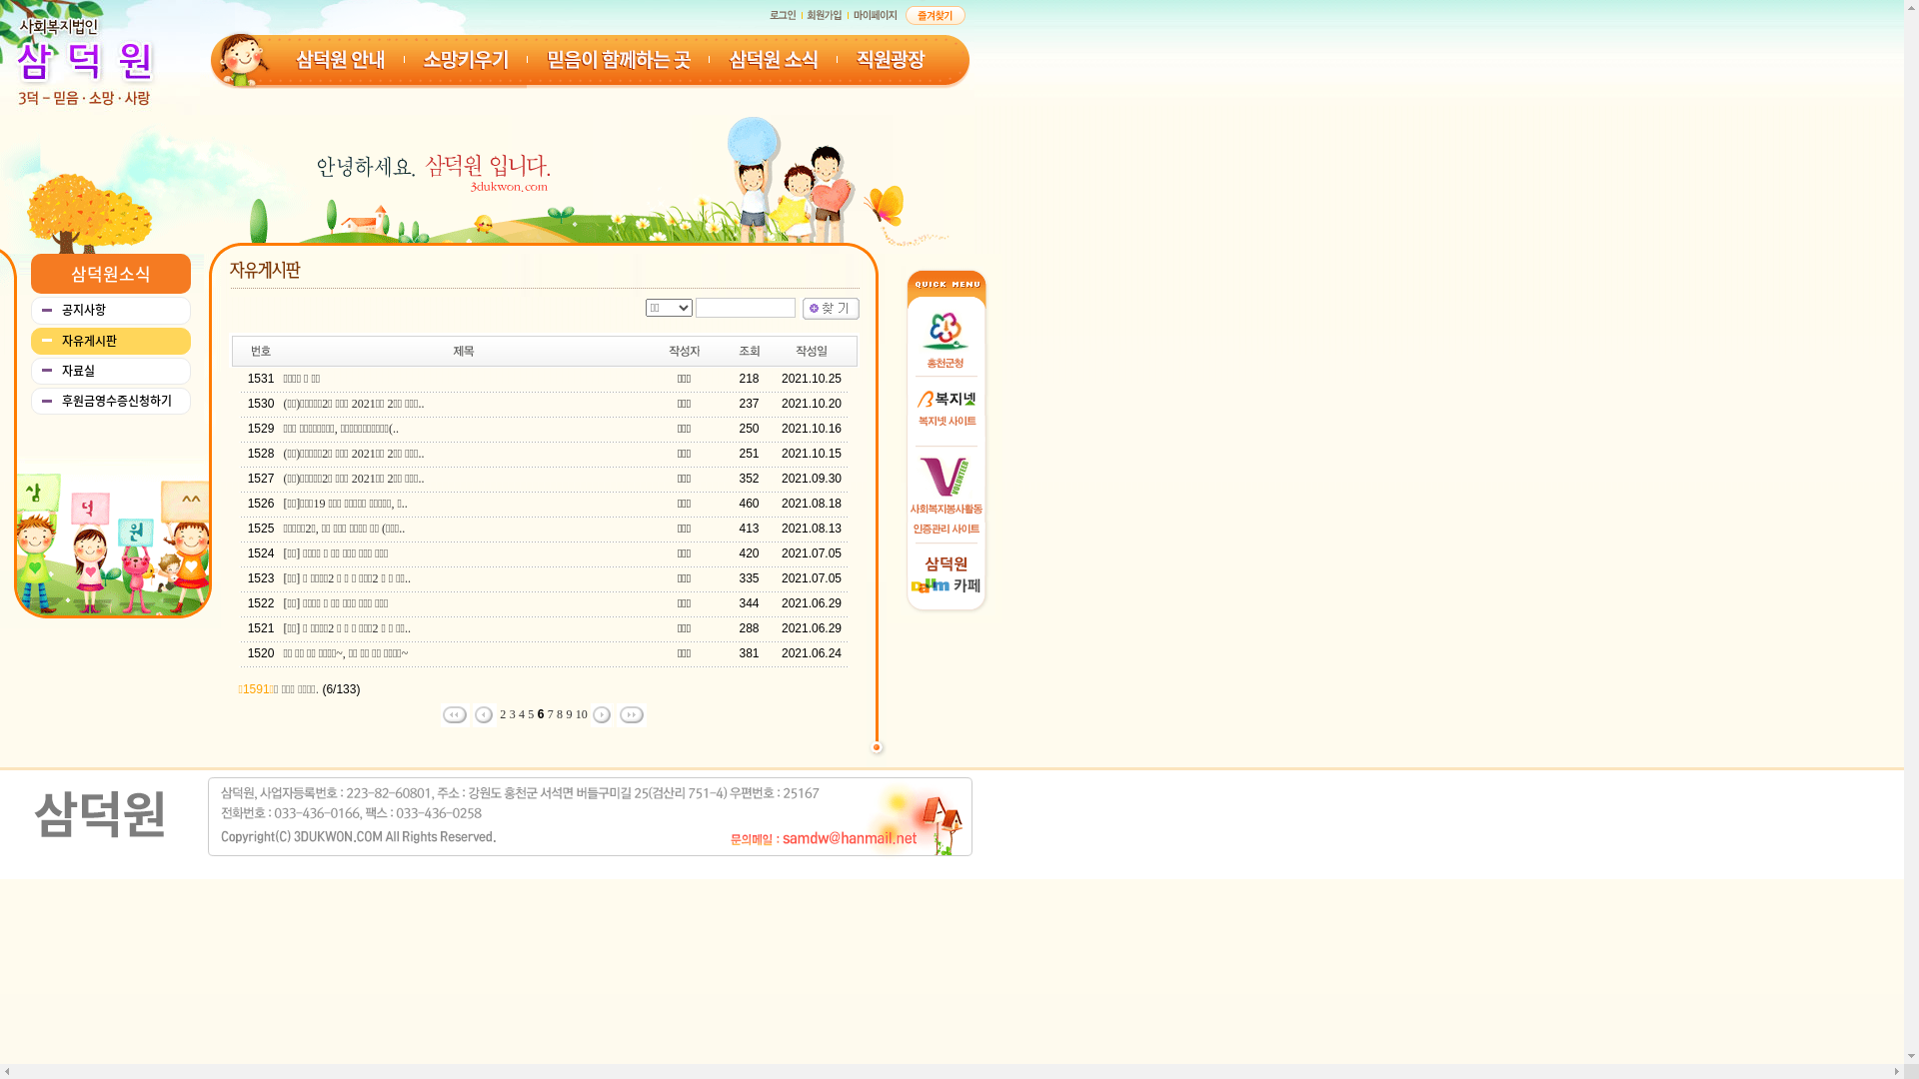 This screenshot has width=1919, height=1079. What do you see at coordinates (560, 712) in the screenshot?
I see `'8'` at bounding box center [560, 712].